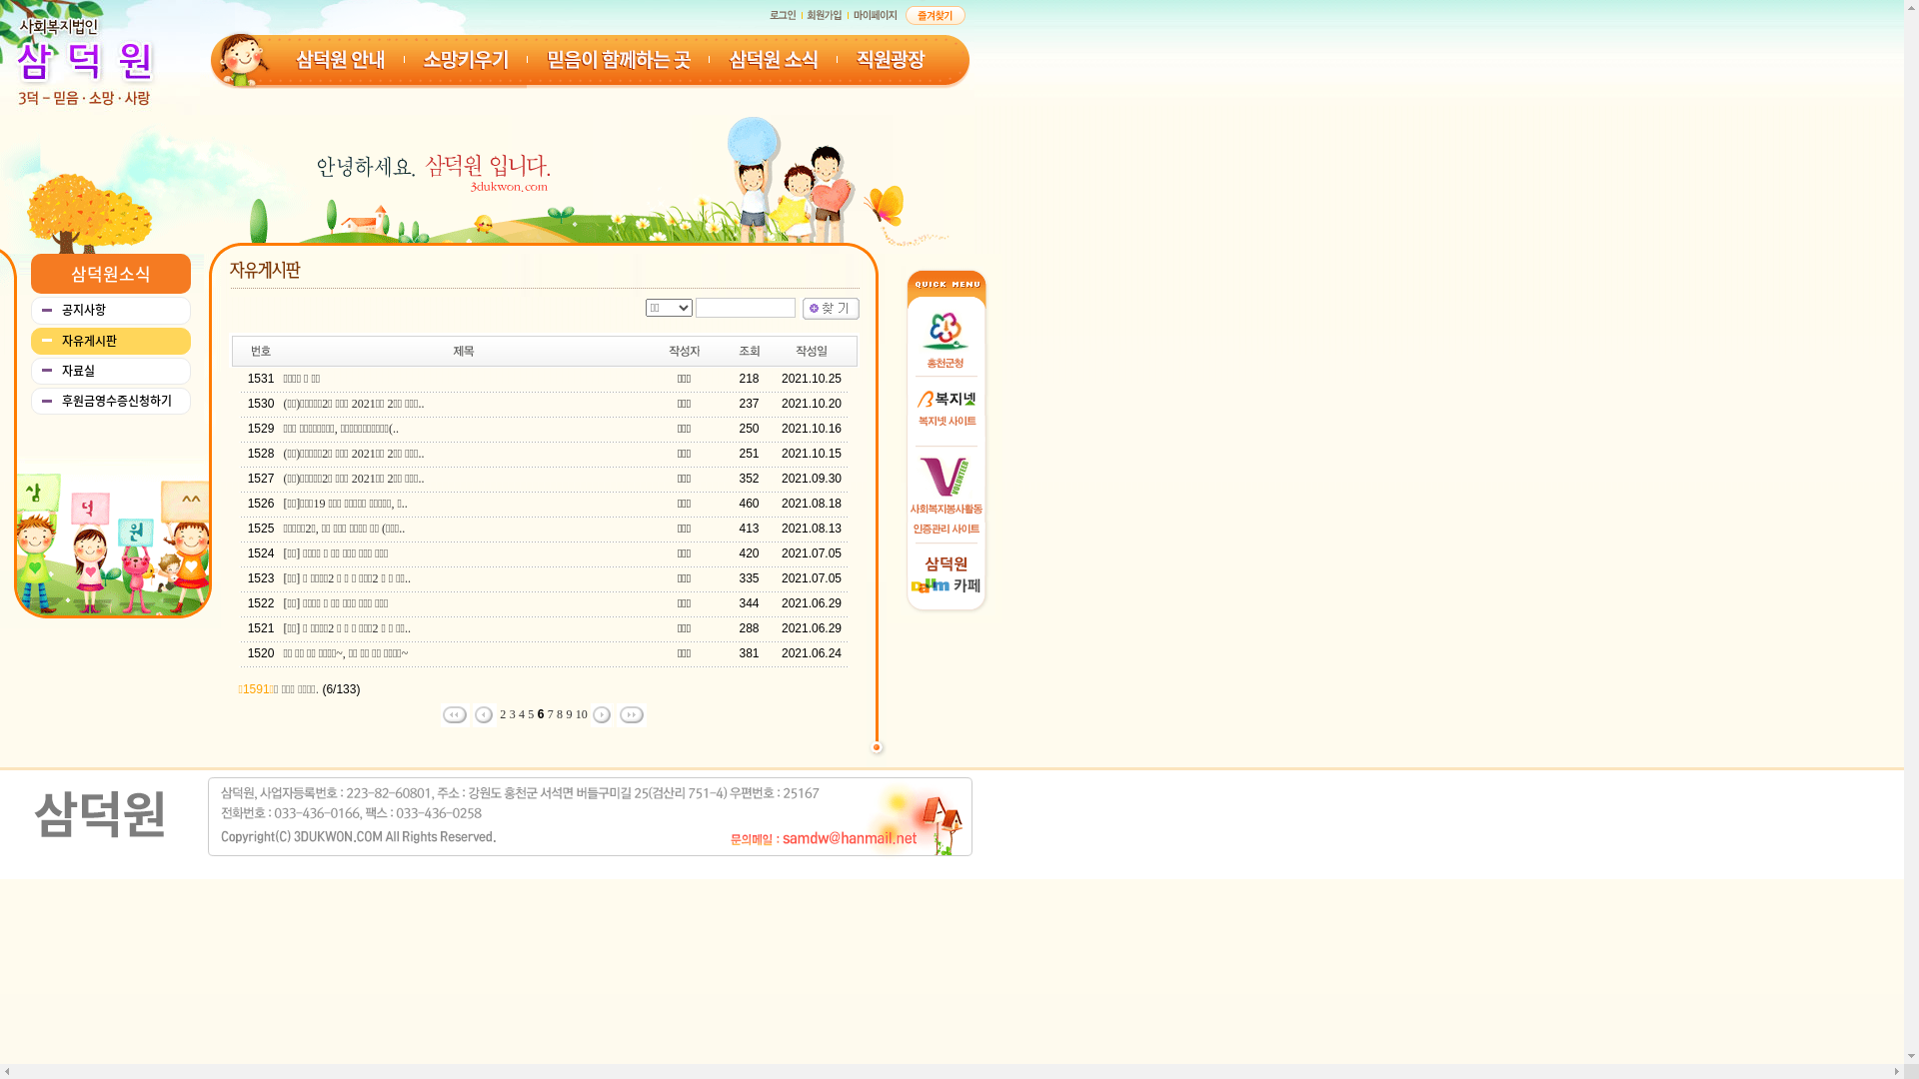 This screenshot has width=1919, height=1079. What do you see at coordinates (560, 712) in the screenshot?
I see `'8'` at bounding box center [560, 712].